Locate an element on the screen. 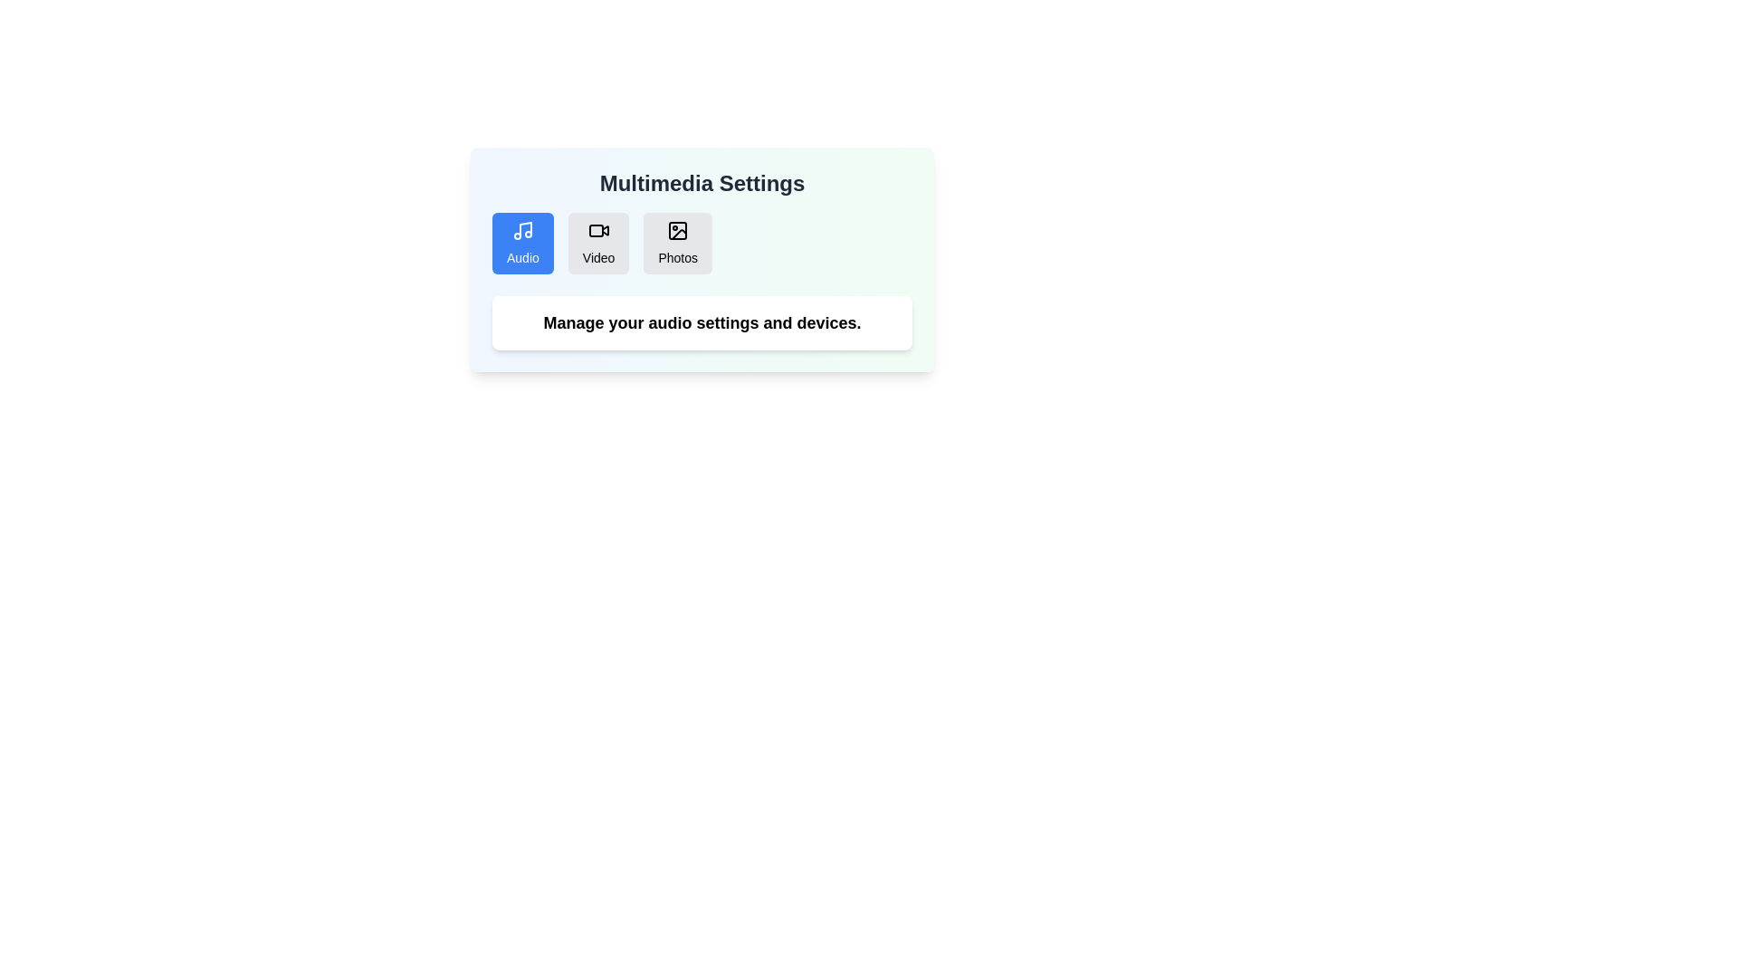 The width and height of the screenshot is (1738, 978). the 'Video' button located between the 'Audio' and 'Photos' buttons is located at coordinates (598, 243).